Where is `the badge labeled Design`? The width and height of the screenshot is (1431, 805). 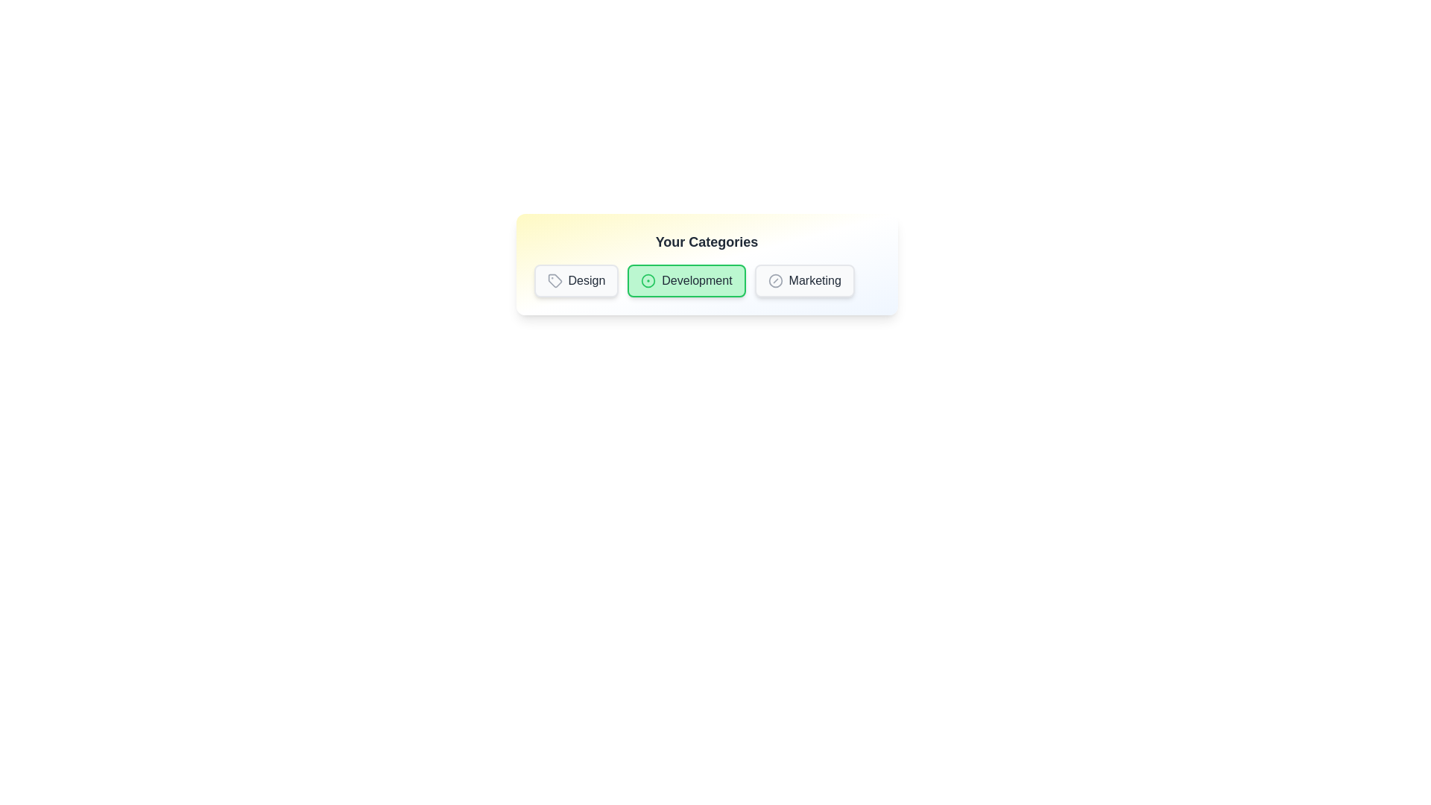 the badge labeled Design is located at coordinates (575, 281).